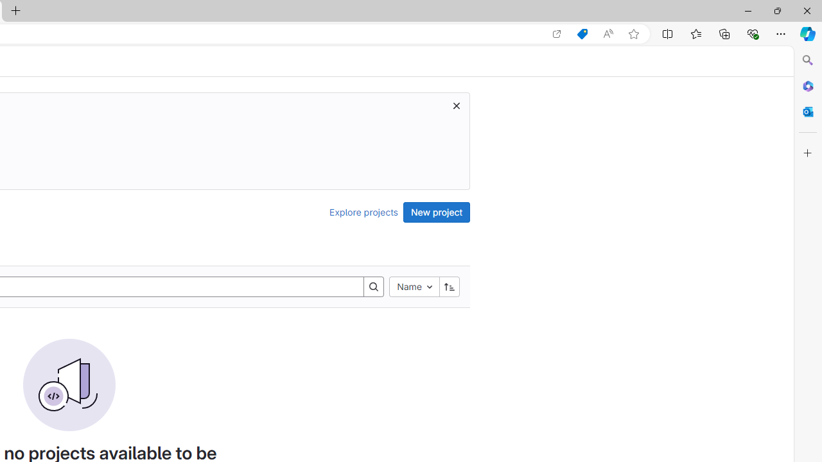 This screenshot has width=822, height=462. Describe the element at coordinates (457, 105) in the screenshot. I see `'Class: s16 gl-icon gl-button-icon '` at that location.